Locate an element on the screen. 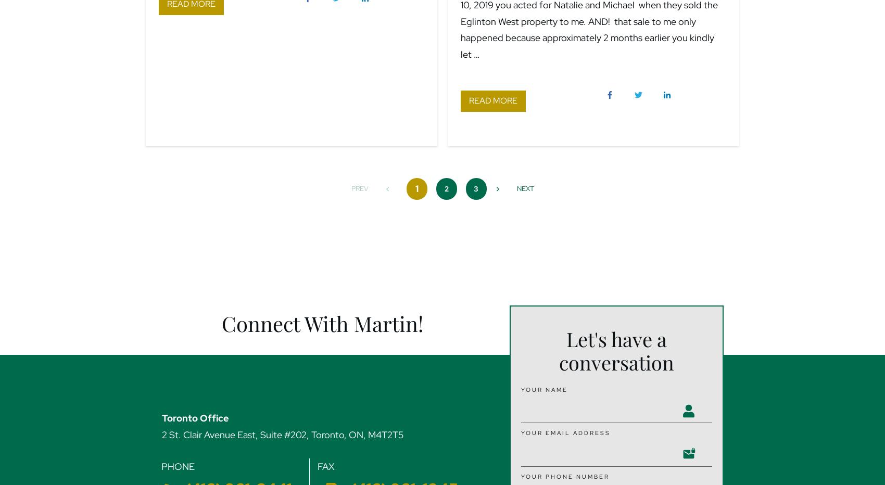  'Let's have a conversation' is located at coordinates (616, 351).